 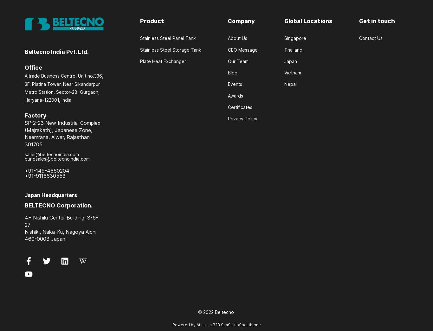 I want to click on 'Altrade Business Centre, Unit no.336, 3F, Platina Tower, Near Sikandarpur Metro Station, Sector-28, Gurgaon, Haryana-122001, India', so click(x=24, y=87).